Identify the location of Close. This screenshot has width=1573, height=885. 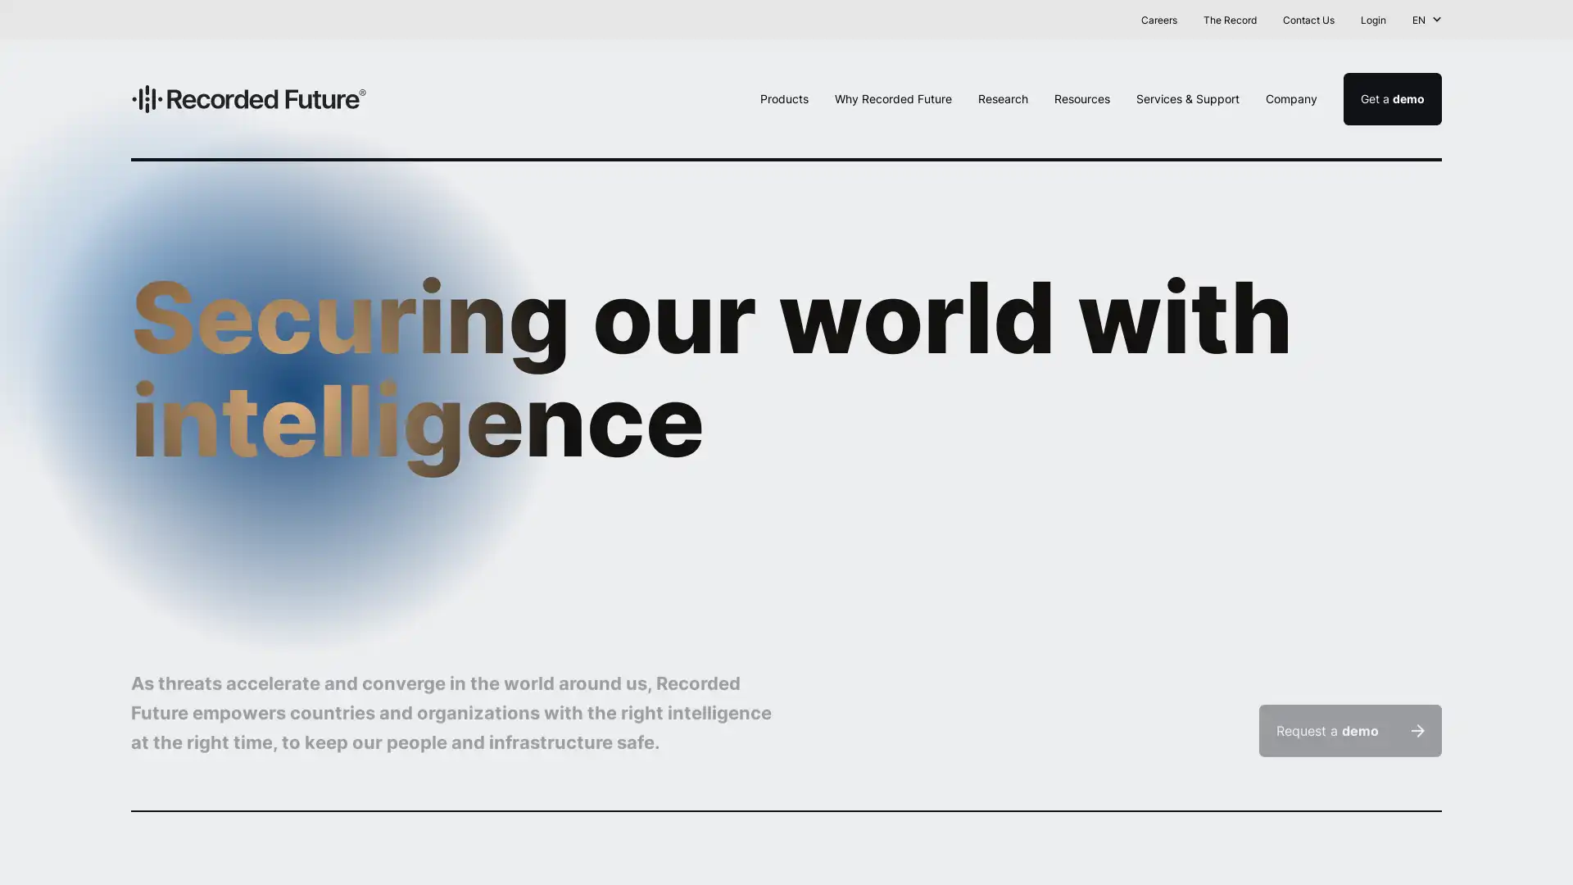
(1544, 22).